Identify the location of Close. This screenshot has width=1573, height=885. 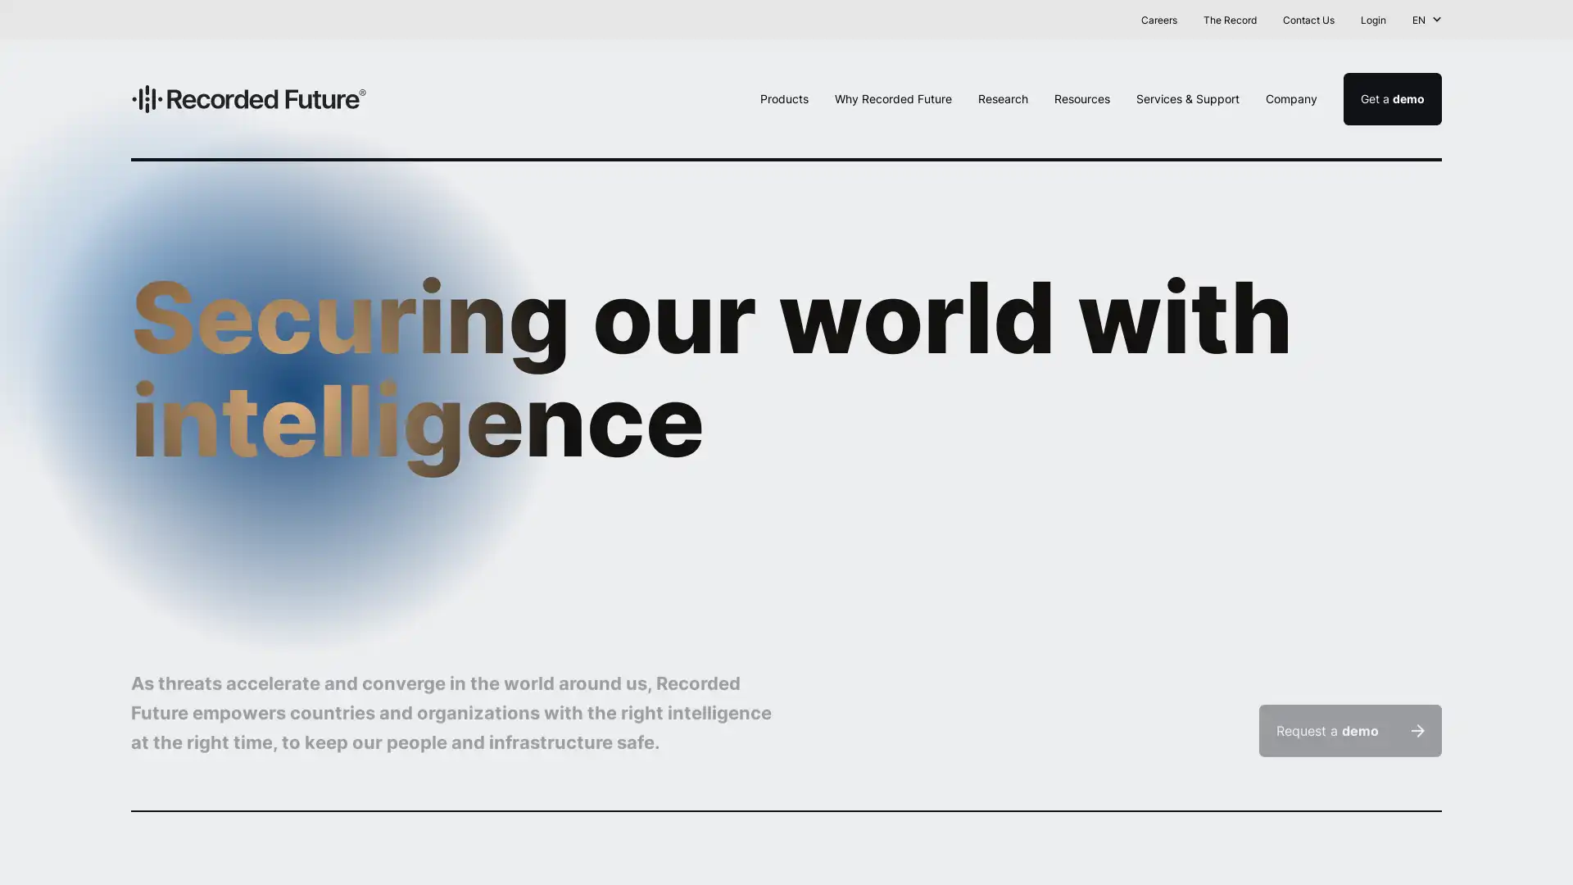
(1544, 22).